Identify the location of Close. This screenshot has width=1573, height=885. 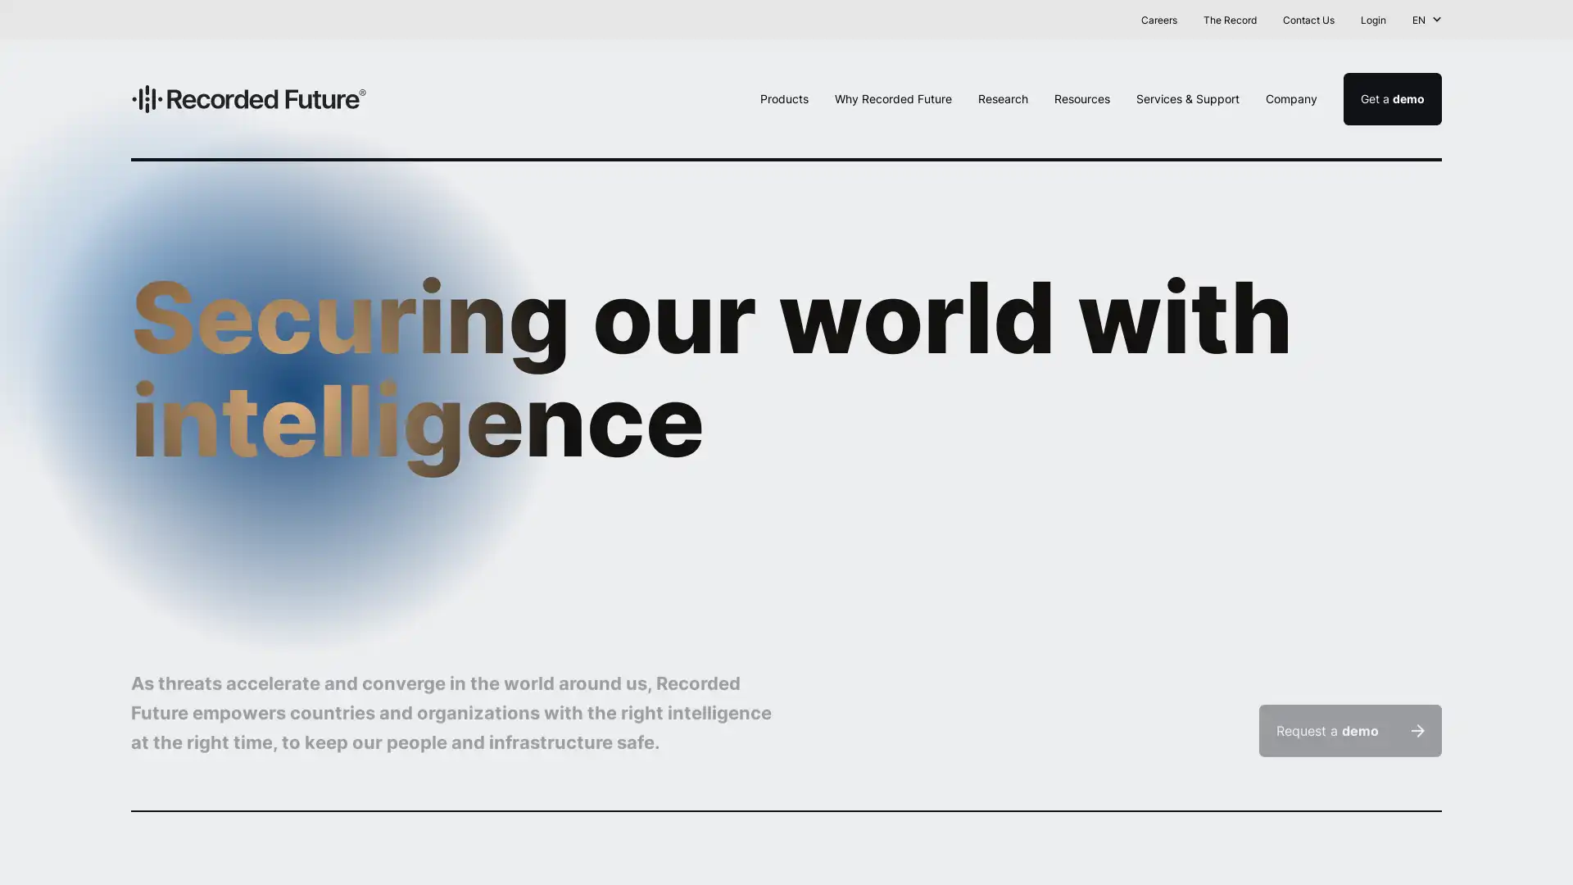
(1544, 22).